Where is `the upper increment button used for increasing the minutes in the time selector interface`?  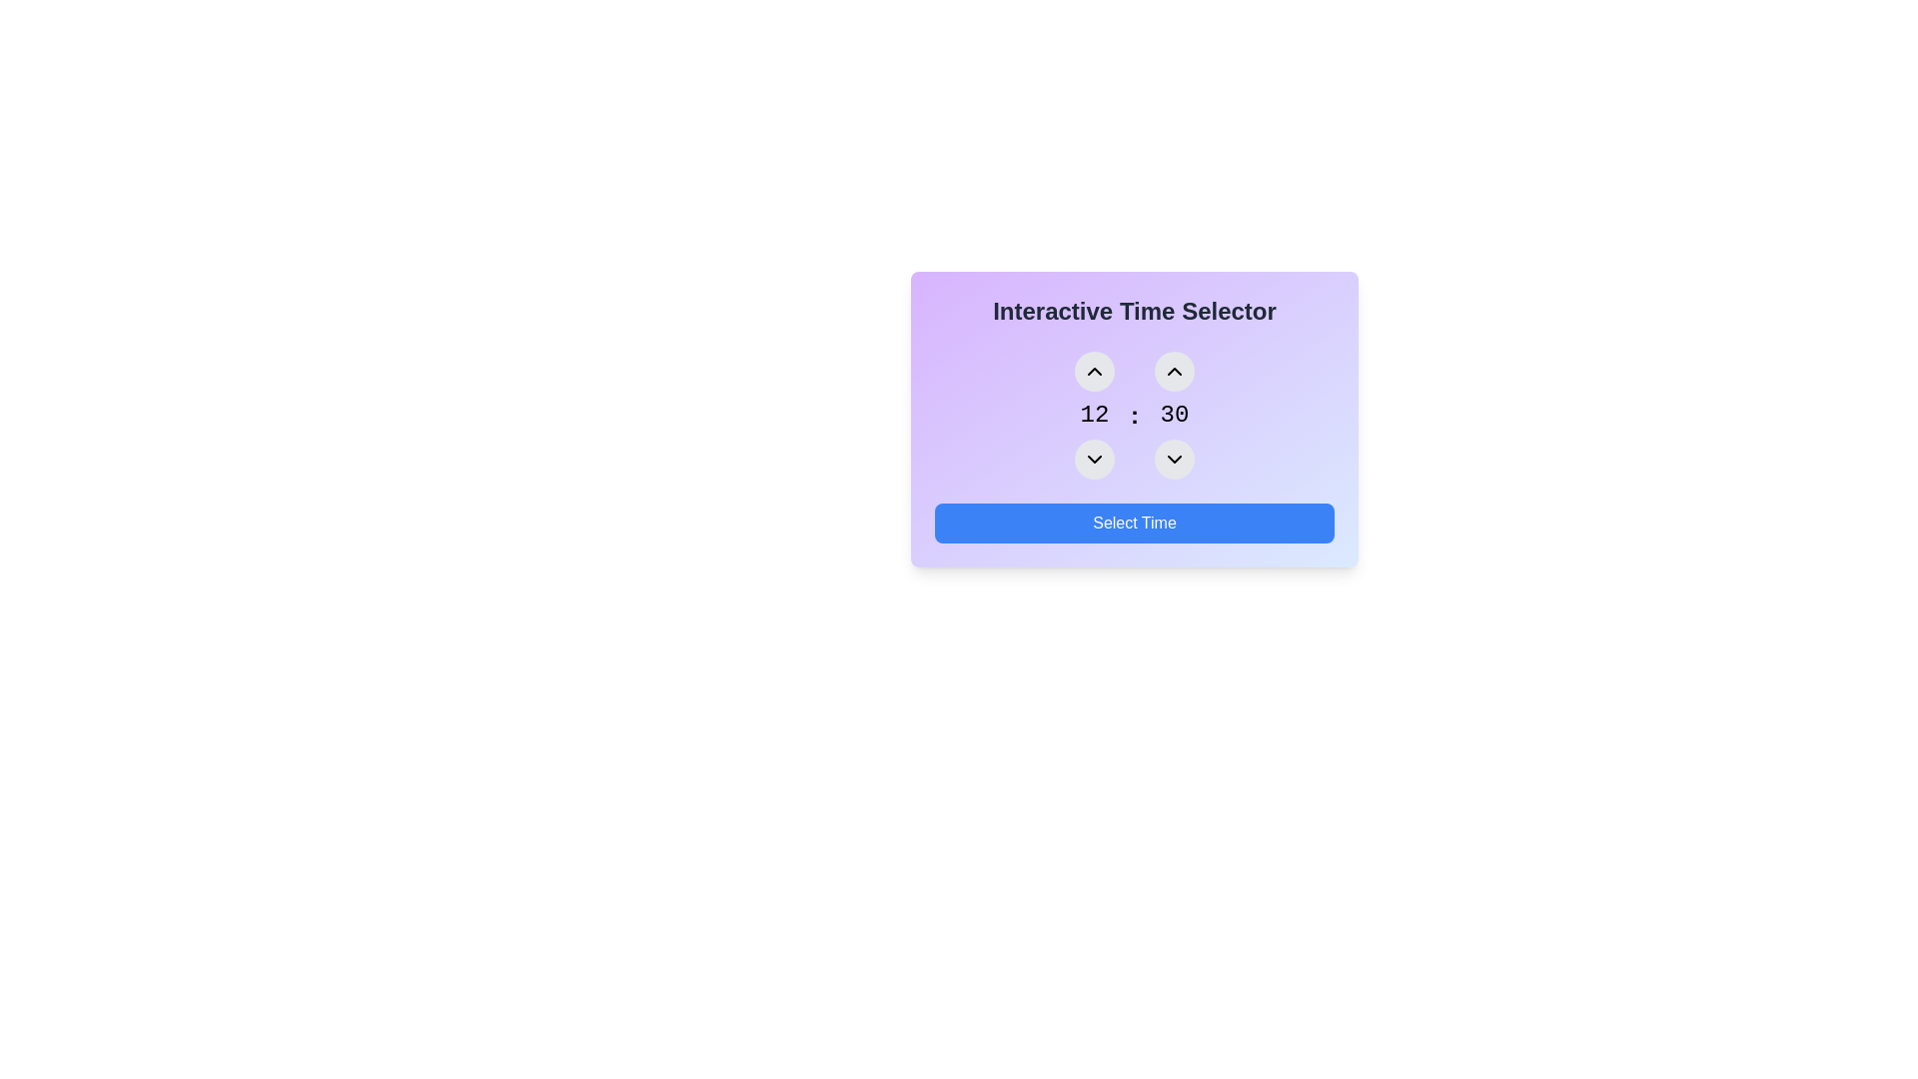 the upper increment button used for increasing the minutes in the time selector interface is located at coordinates (1175, 371).